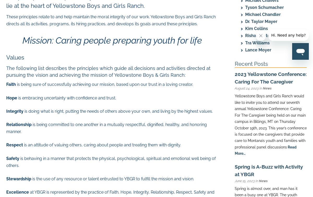  What do you see at coordinates (235, 150) in the screenshot?
I see `'Read More…'` at bounding box center [235, 150].